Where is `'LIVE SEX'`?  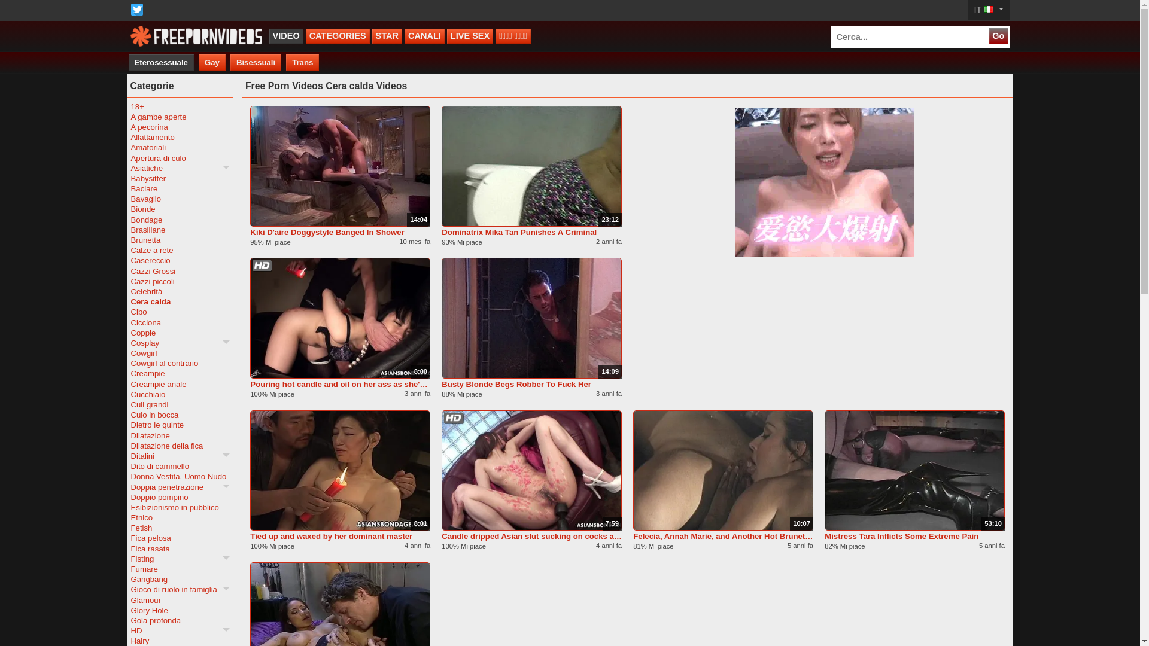
'LIVE SEX' is located at coordinates (469, 35).